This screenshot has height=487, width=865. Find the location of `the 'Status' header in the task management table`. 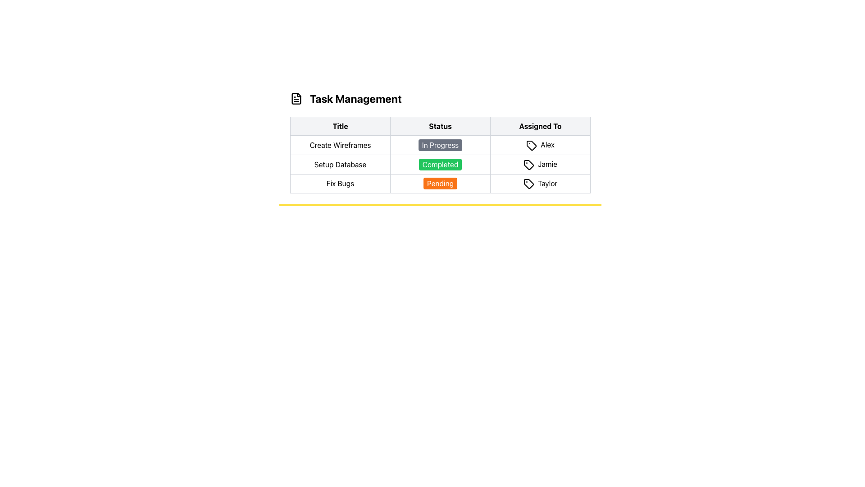

the 'Status' header in the task management table is located at coordinates (440, 126).